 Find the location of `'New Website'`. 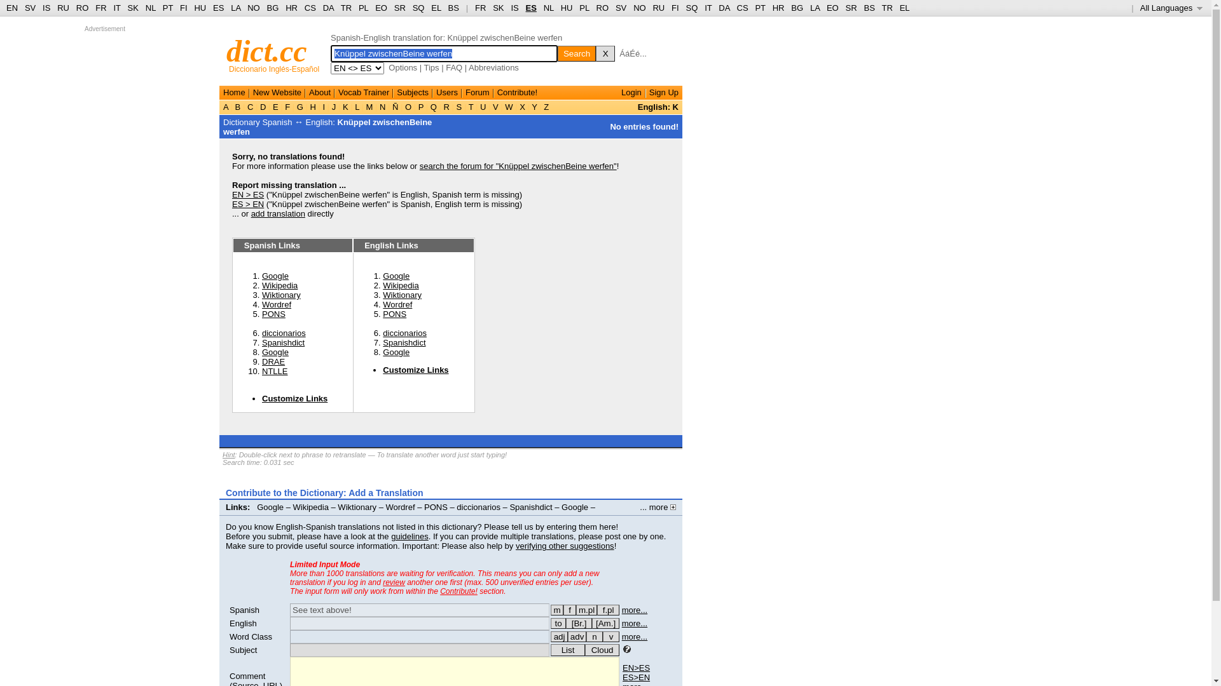

'New Website' is located at coordinates (277, 91).